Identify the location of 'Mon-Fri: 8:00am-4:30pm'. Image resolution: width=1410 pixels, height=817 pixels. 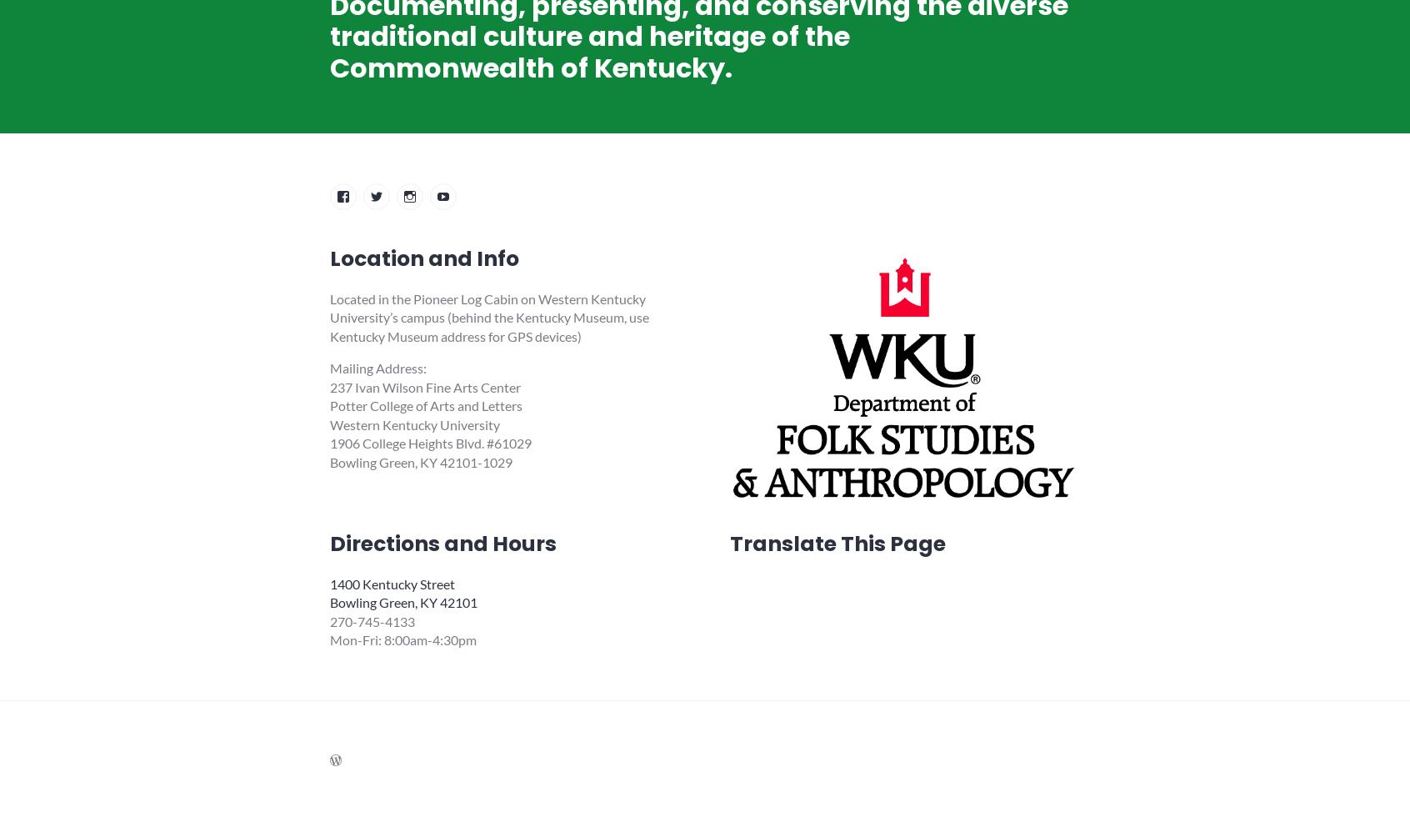
(402, 639).